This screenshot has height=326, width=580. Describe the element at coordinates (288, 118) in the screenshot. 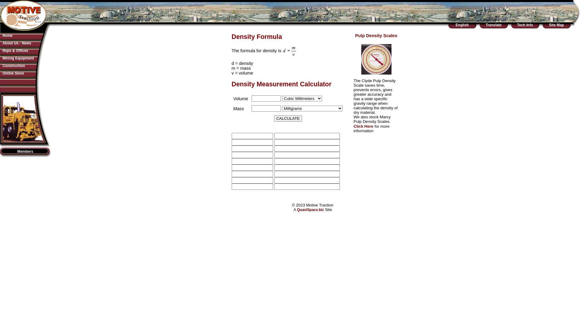

I see `'CALCULATE'` at that location.